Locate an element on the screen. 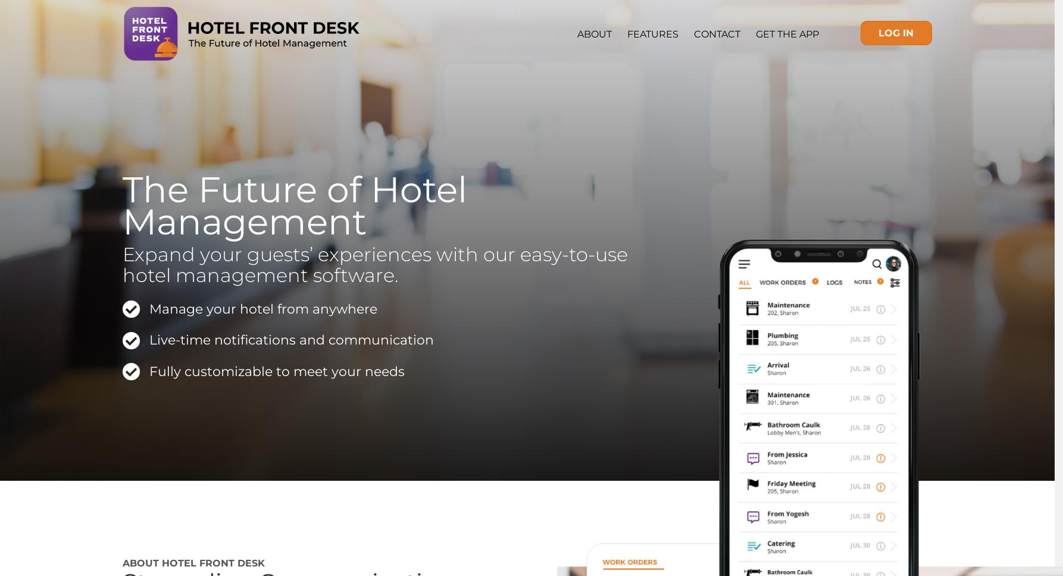 This screenshot has height=576, width=1063. 'ABOUT' is located at coordinates (594, 33).